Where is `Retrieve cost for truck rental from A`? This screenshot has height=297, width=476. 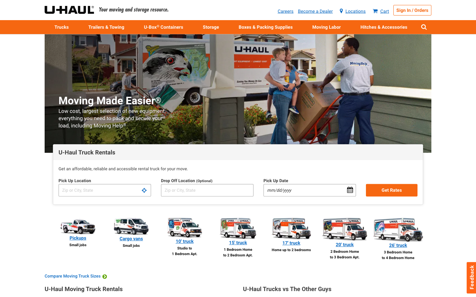
Retrieve cost for truck rental from A is located at coordinates (104, 190).